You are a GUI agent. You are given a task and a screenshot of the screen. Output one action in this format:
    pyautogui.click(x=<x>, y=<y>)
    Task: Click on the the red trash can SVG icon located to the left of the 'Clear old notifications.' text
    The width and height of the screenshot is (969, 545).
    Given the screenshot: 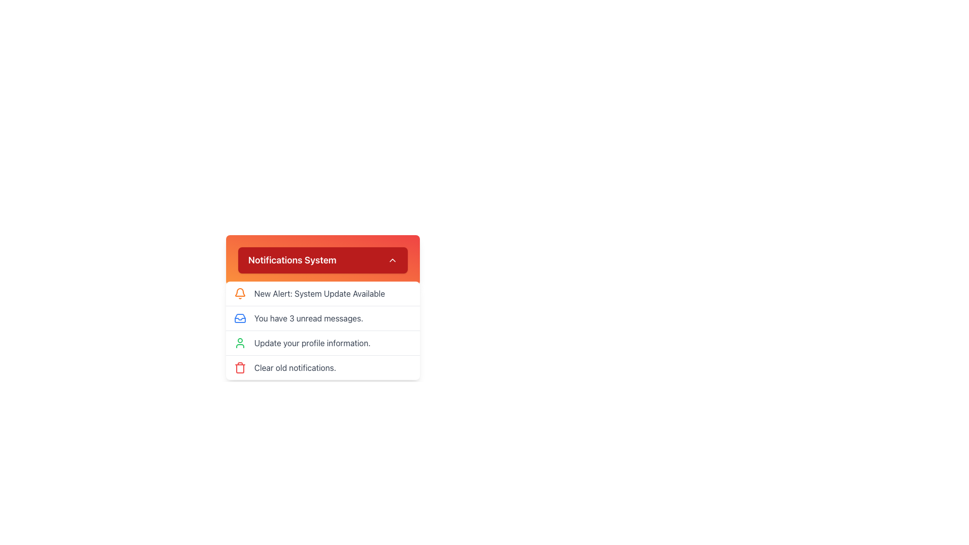 What is the action you would take?
    pyautogui.click(x=239, y=368)
    